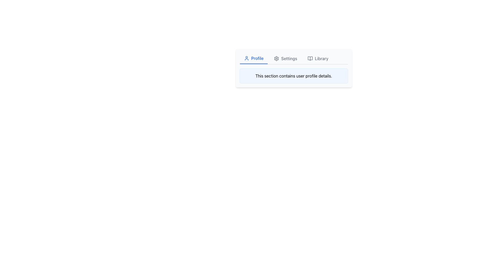 This screenshot has height=280, width=498. Describe the element at coordinates (289, 58) in the screenshot. I see `displayed text from the 'Settings' text label located in the navigation bar following the gear icon` at that location.